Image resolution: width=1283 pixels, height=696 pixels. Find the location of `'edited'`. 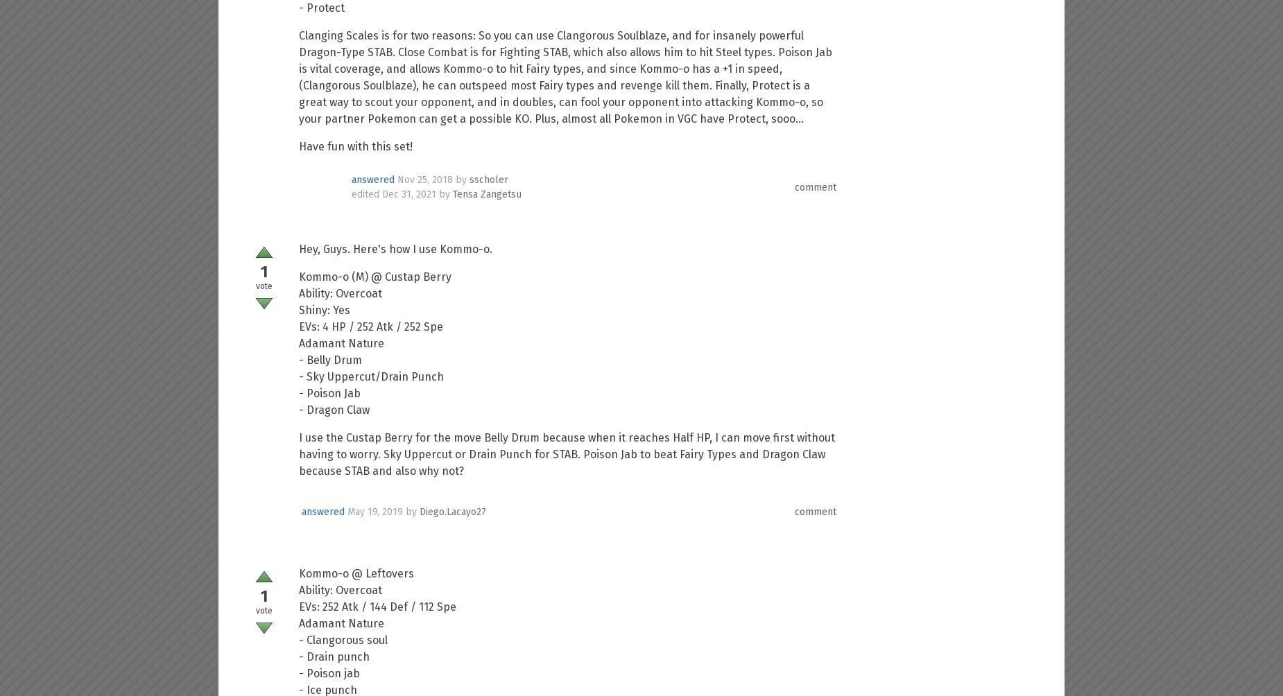

'edited' is located at coordinates (365, 194).